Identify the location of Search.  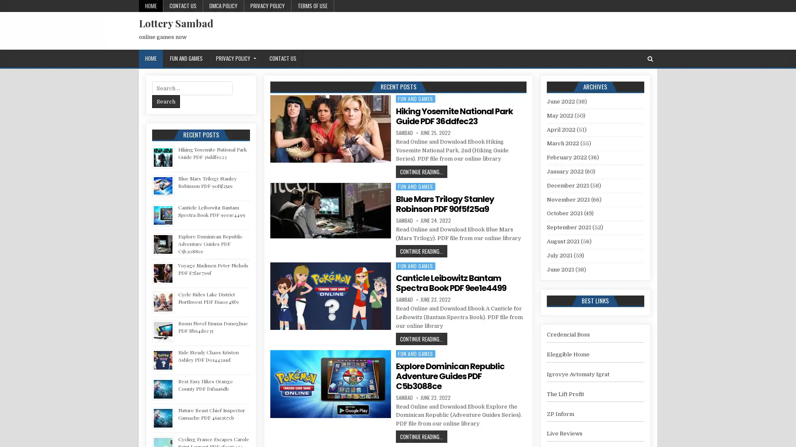
(166, 101).